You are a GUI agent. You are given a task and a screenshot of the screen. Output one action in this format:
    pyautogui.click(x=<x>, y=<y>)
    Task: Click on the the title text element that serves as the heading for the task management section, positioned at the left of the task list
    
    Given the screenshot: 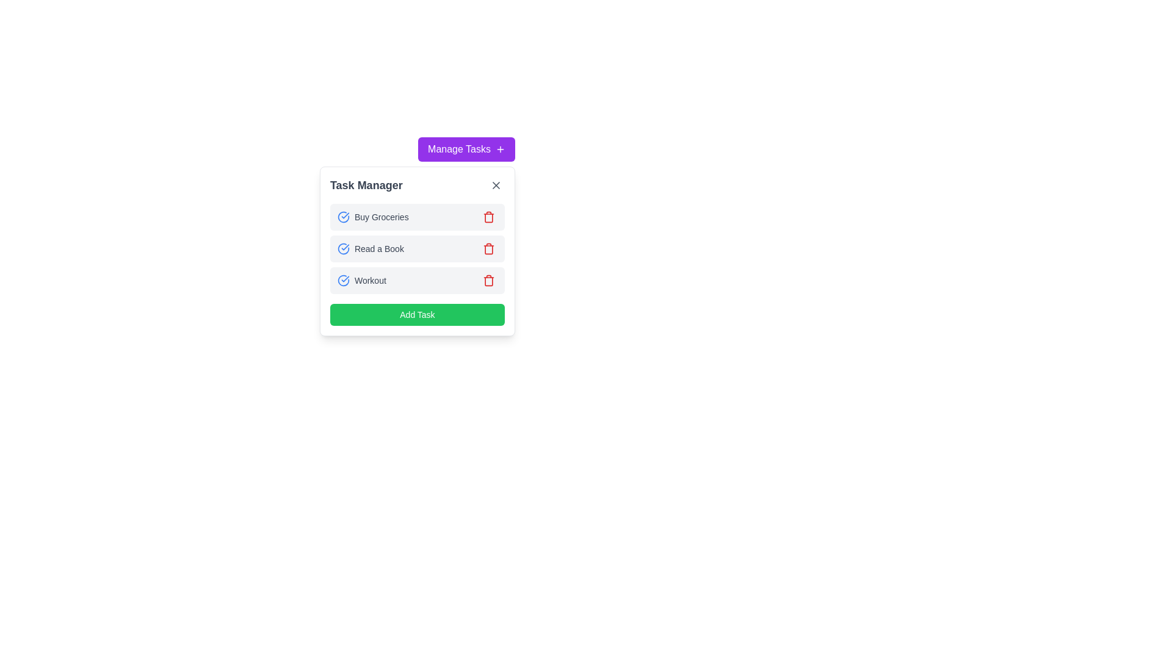 What is the action you would take?
    pyautogui.click(x=366, y=185)
    